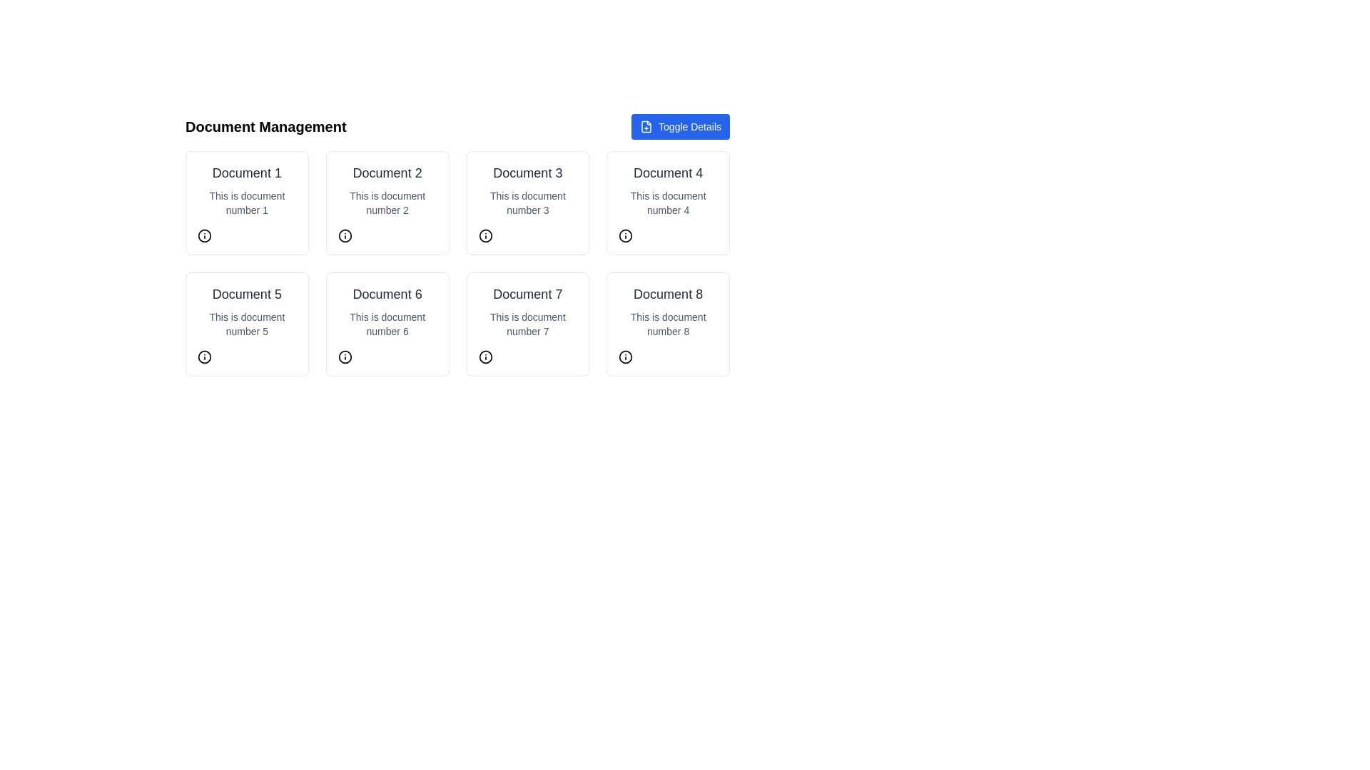 The image size is (1370, 770). Describe the element at coordinates (204, 356) in the screenshot. I see `the circular SVG icon element with a white background and black stroke, located beneath the text 'Document 5' in the bottom-left corner of its card` at that location.